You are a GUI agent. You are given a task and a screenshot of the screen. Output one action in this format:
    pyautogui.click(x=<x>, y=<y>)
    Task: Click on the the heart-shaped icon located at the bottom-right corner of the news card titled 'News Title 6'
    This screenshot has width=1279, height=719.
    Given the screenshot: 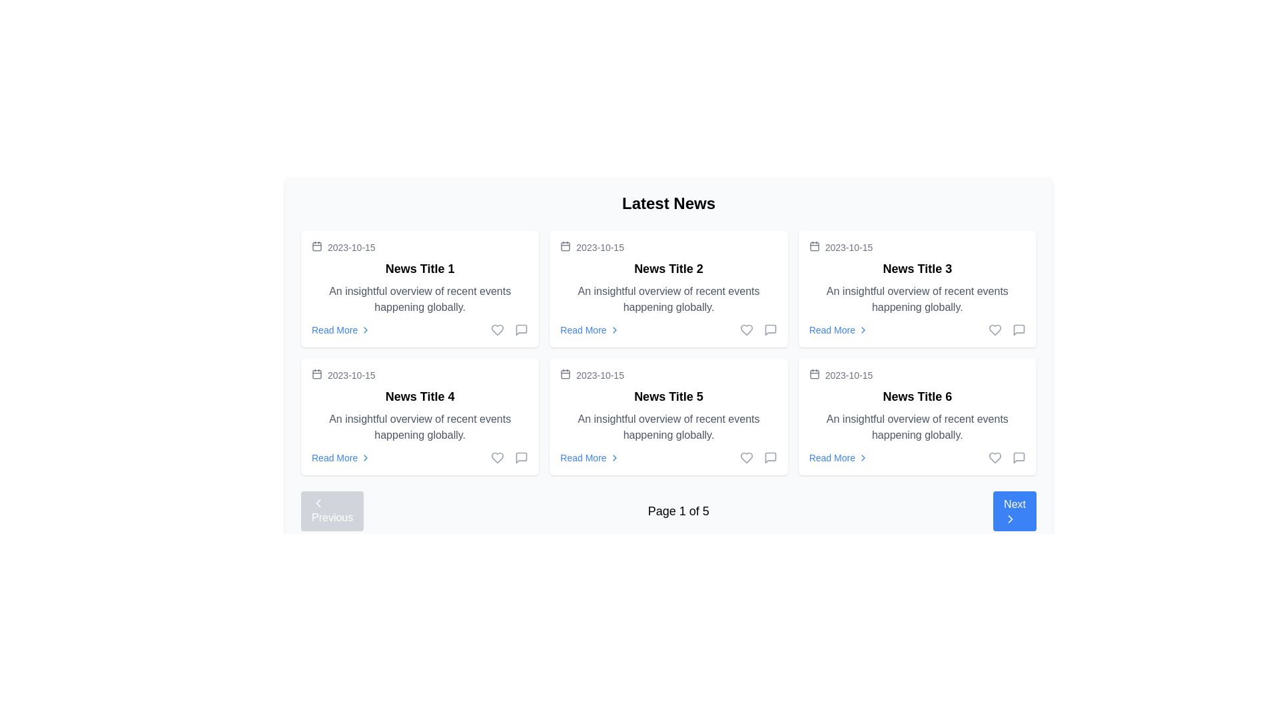 What is the action you would take?
    pyautogui.click(x=995, y=457)
    